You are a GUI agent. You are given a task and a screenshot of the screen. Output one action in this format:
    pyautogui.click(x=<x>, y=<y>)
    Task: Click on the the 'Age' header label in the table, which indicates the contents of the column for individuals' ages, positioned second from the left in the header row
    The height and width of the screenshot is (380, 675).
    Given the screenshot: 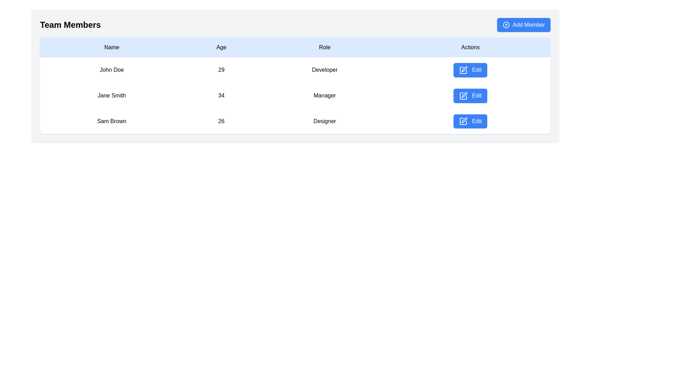 What is the action you would take?
    pyautogui.click(x=221, y=47)
    